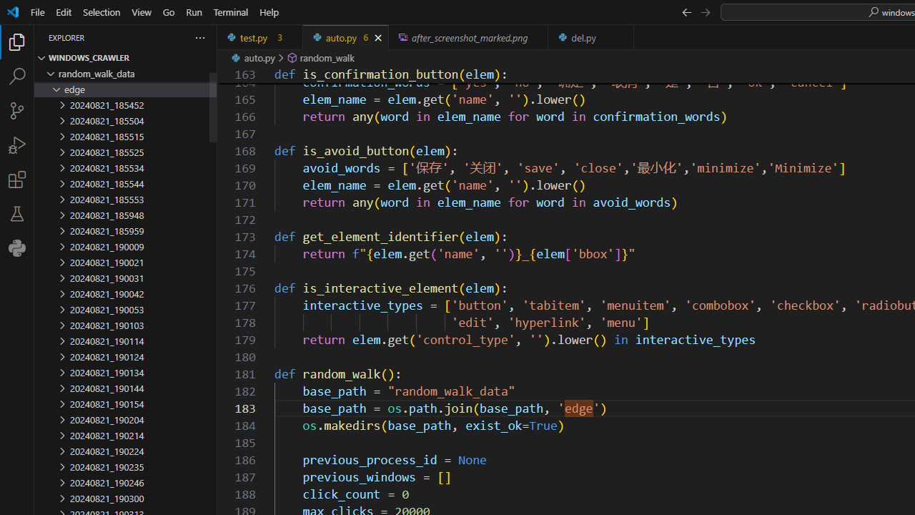 The height and width of the screenshot is (515, 915). I want to click on 'Explorer Section: windows_crawler', so click(126, 57).